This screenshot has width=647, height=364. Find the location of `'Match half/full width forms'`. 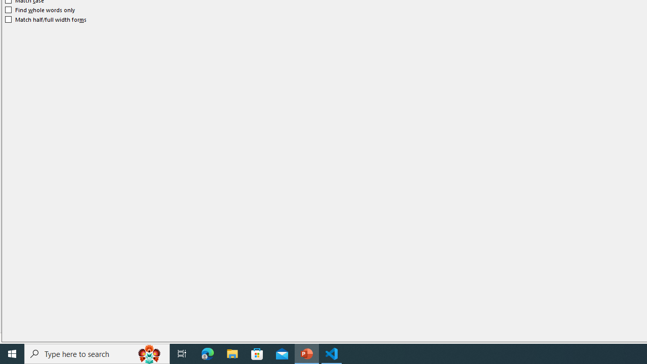

'Match half/full width forms' is located at coordinates (45, 19).